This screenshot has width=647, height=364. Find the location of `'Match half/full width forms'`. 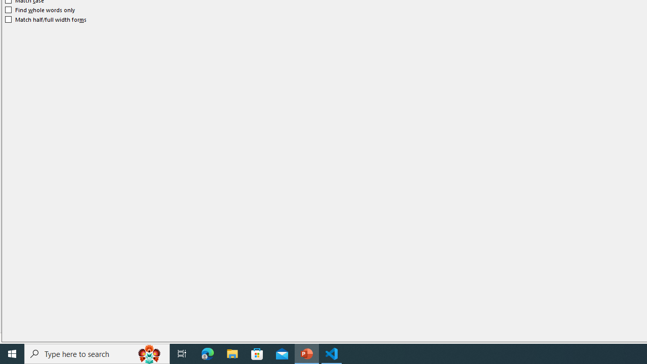

'Match half/full width forms' is located at coordinates (45, 19).